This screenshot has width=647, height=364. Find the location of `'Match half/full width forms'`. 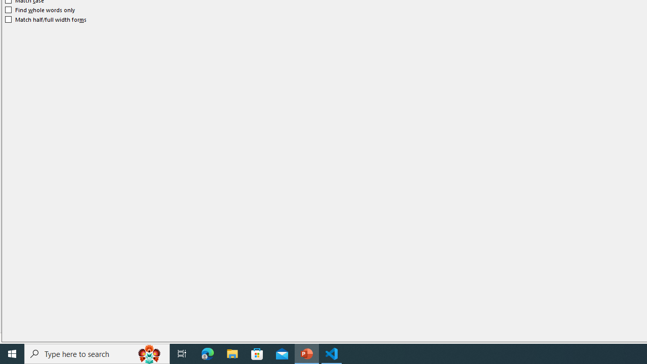

'Match half/full width forms' is located at coordinates (45, 19).